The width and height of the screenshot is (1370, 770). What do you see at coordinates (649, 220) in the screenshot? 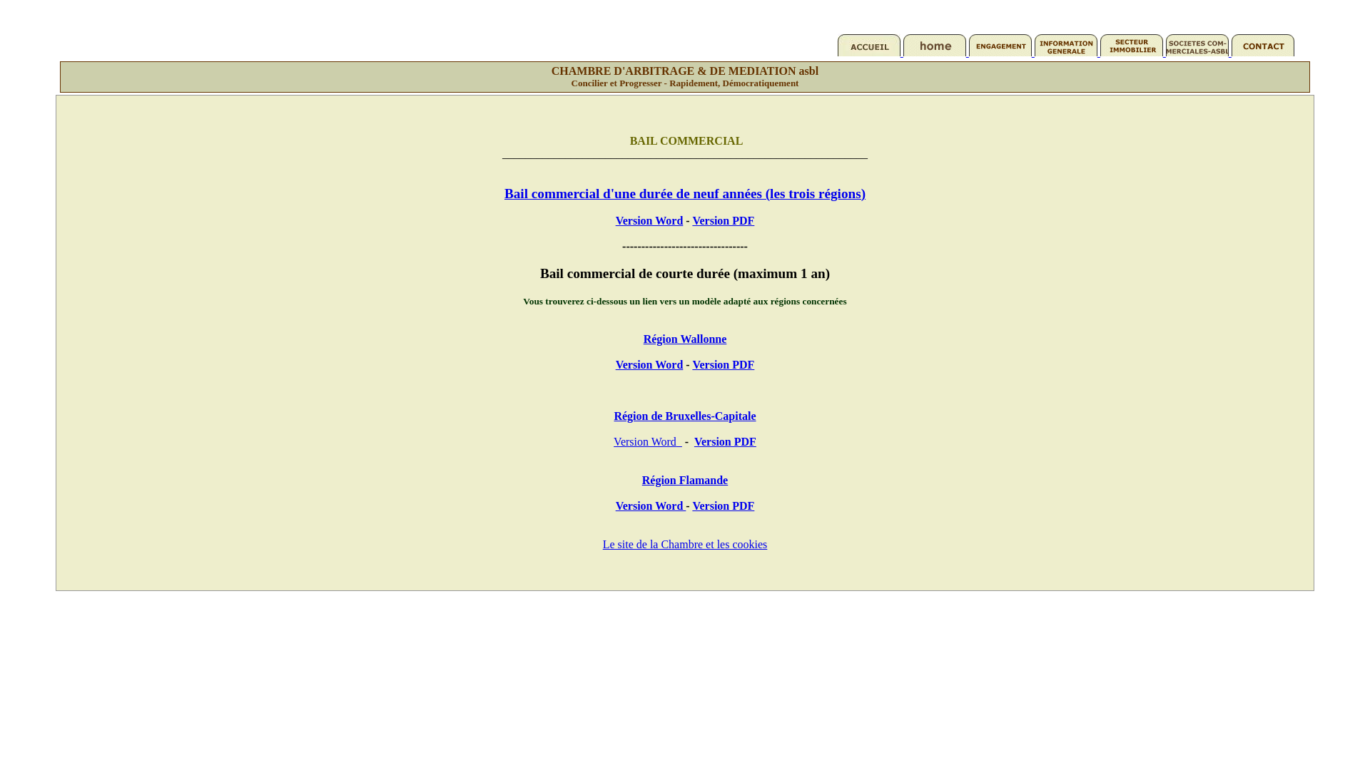
I see `'Version Word'` at bounding box center [649, 220].